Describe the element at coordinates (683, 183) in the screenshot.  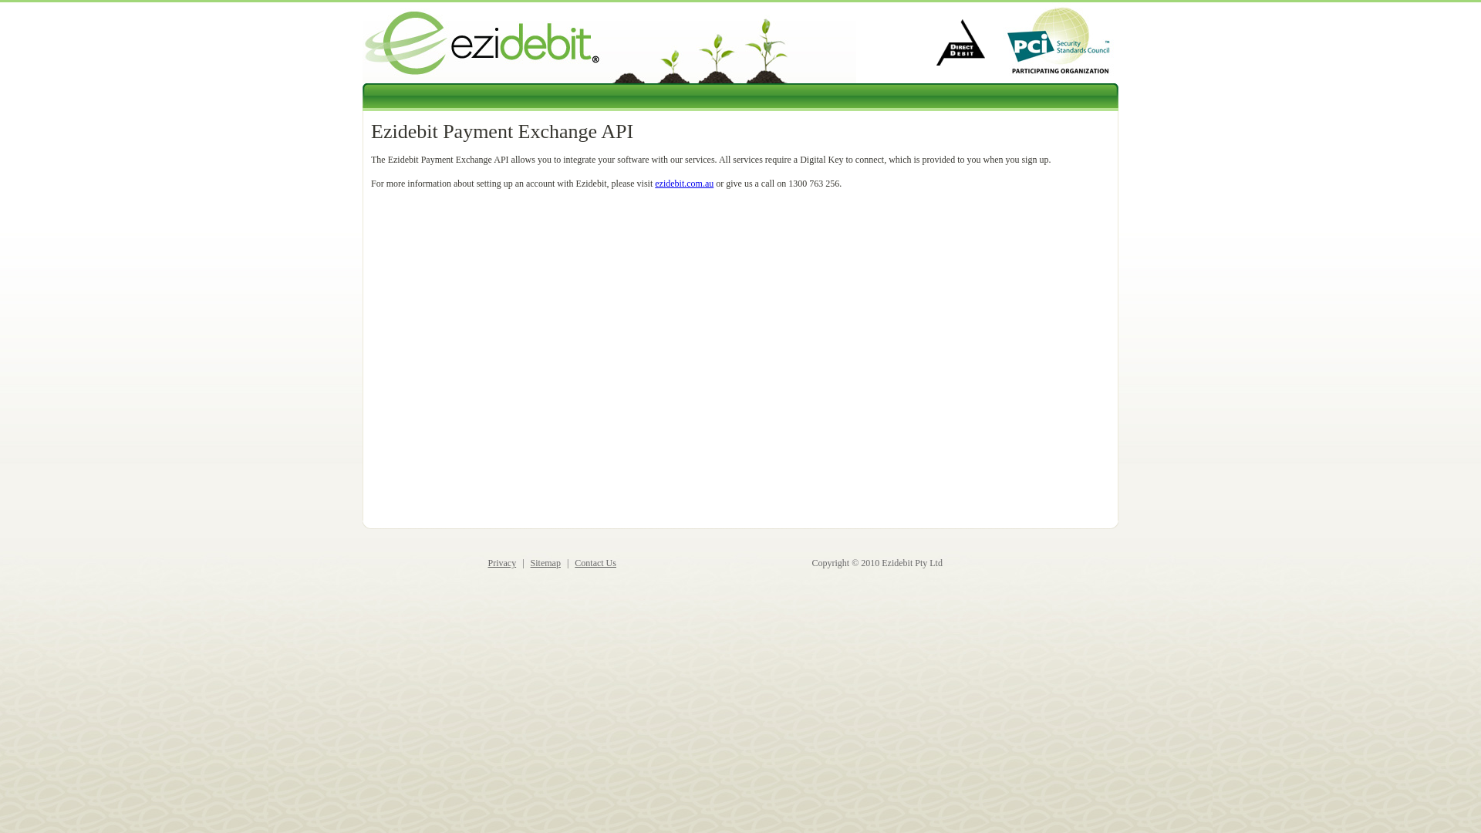
I see `'ezidebit.com.au'` at that location.